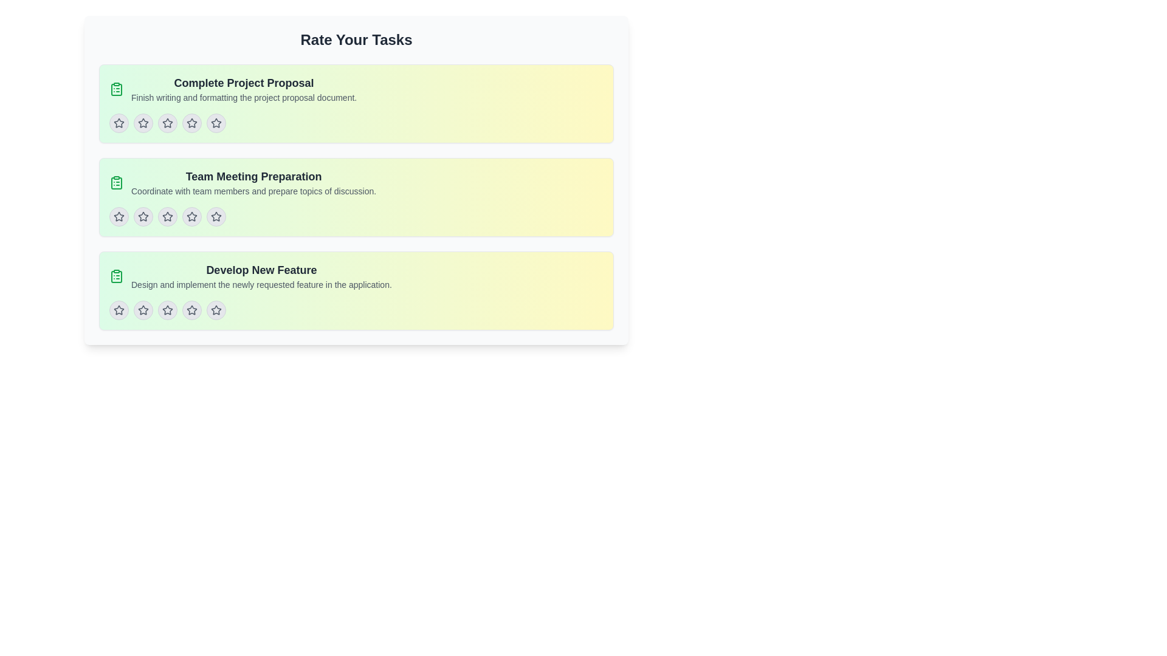  What do you see at coordinates (117, 182) in the screenshot?
I see `the icon to the left of the title in the second task of the list titled 'Team Meeting Preparation'` at bounding box center [117, 182].